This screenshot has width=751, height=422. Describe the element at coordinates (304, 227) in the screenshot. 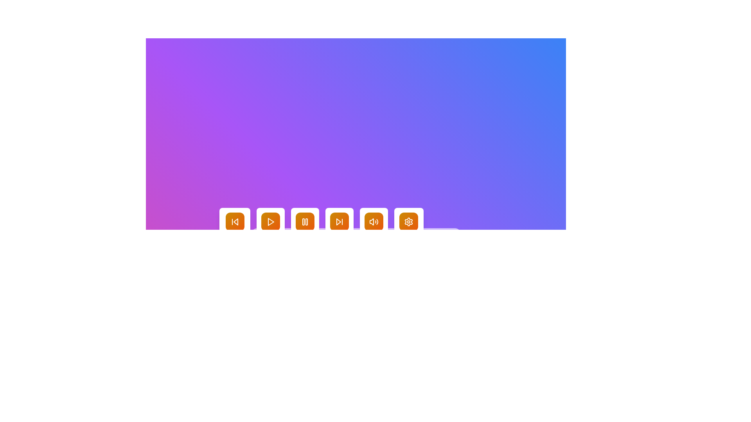

I see `the square button with a gradient background and a white pause icon labeled 'Pause'` at that location.